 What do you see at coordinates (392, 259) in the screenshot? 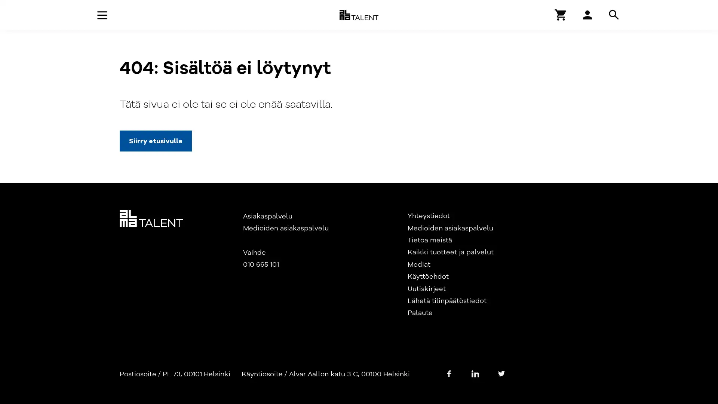
I see `Asetukset` at bounding box center [392, 259].